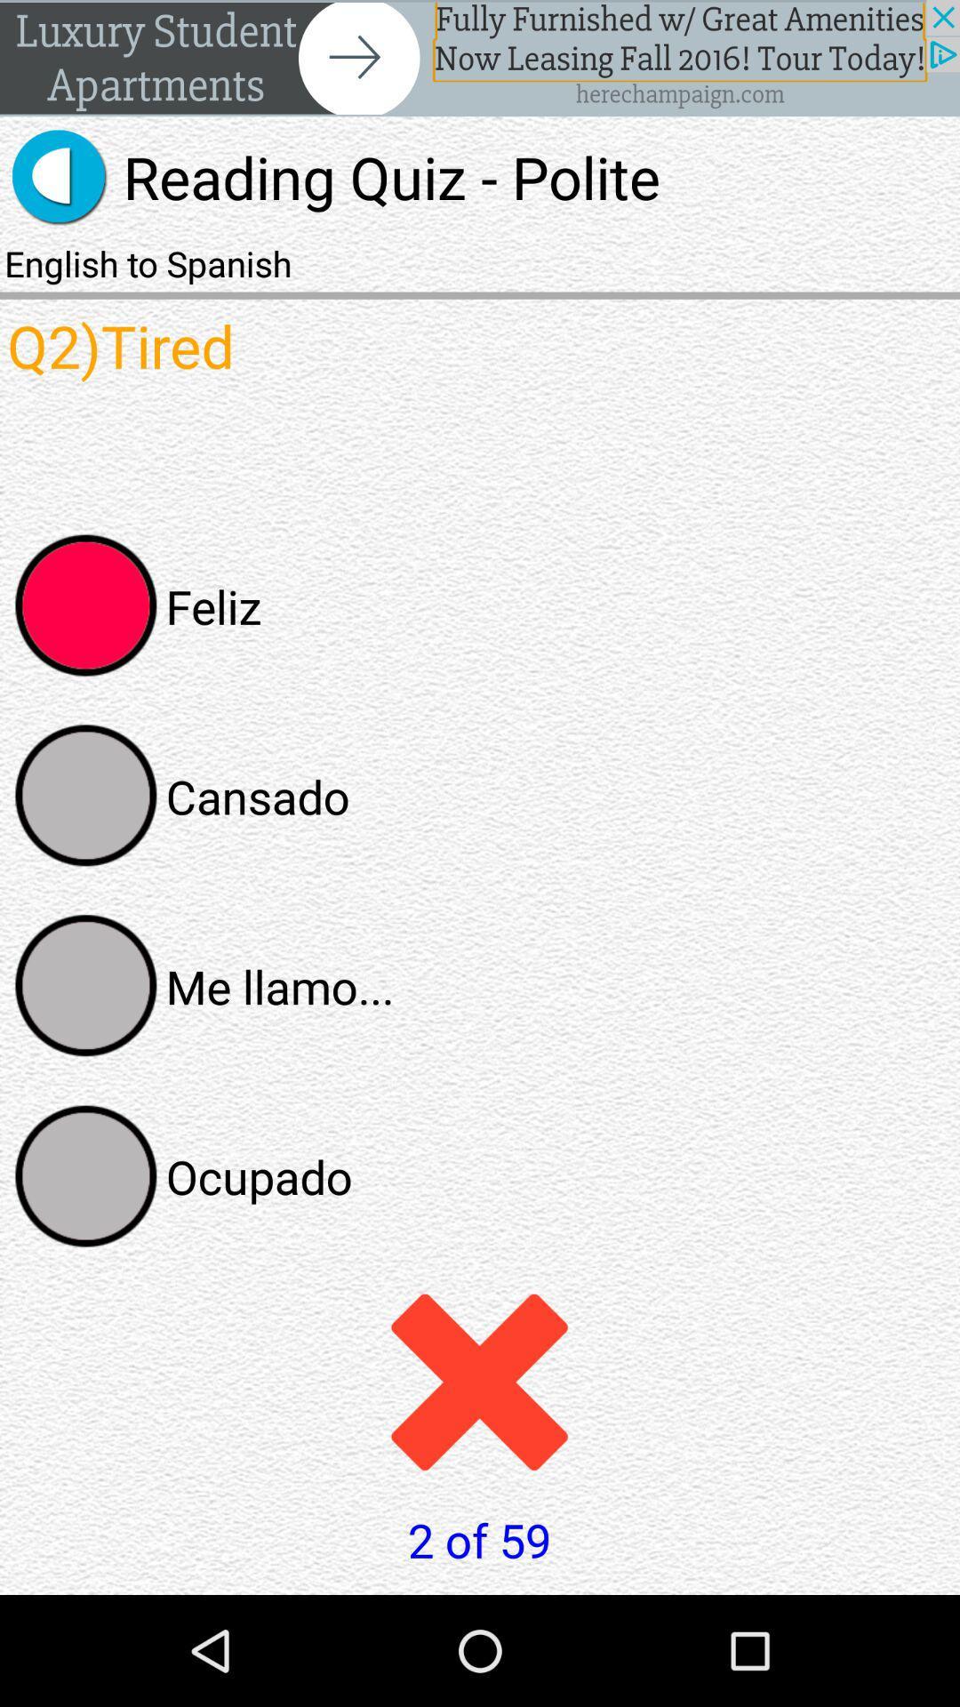 The width and height of the screenshot is (960, 1707). Describe the element at coordinates (86, 1176) in the screenshot. I see `option` at that location.